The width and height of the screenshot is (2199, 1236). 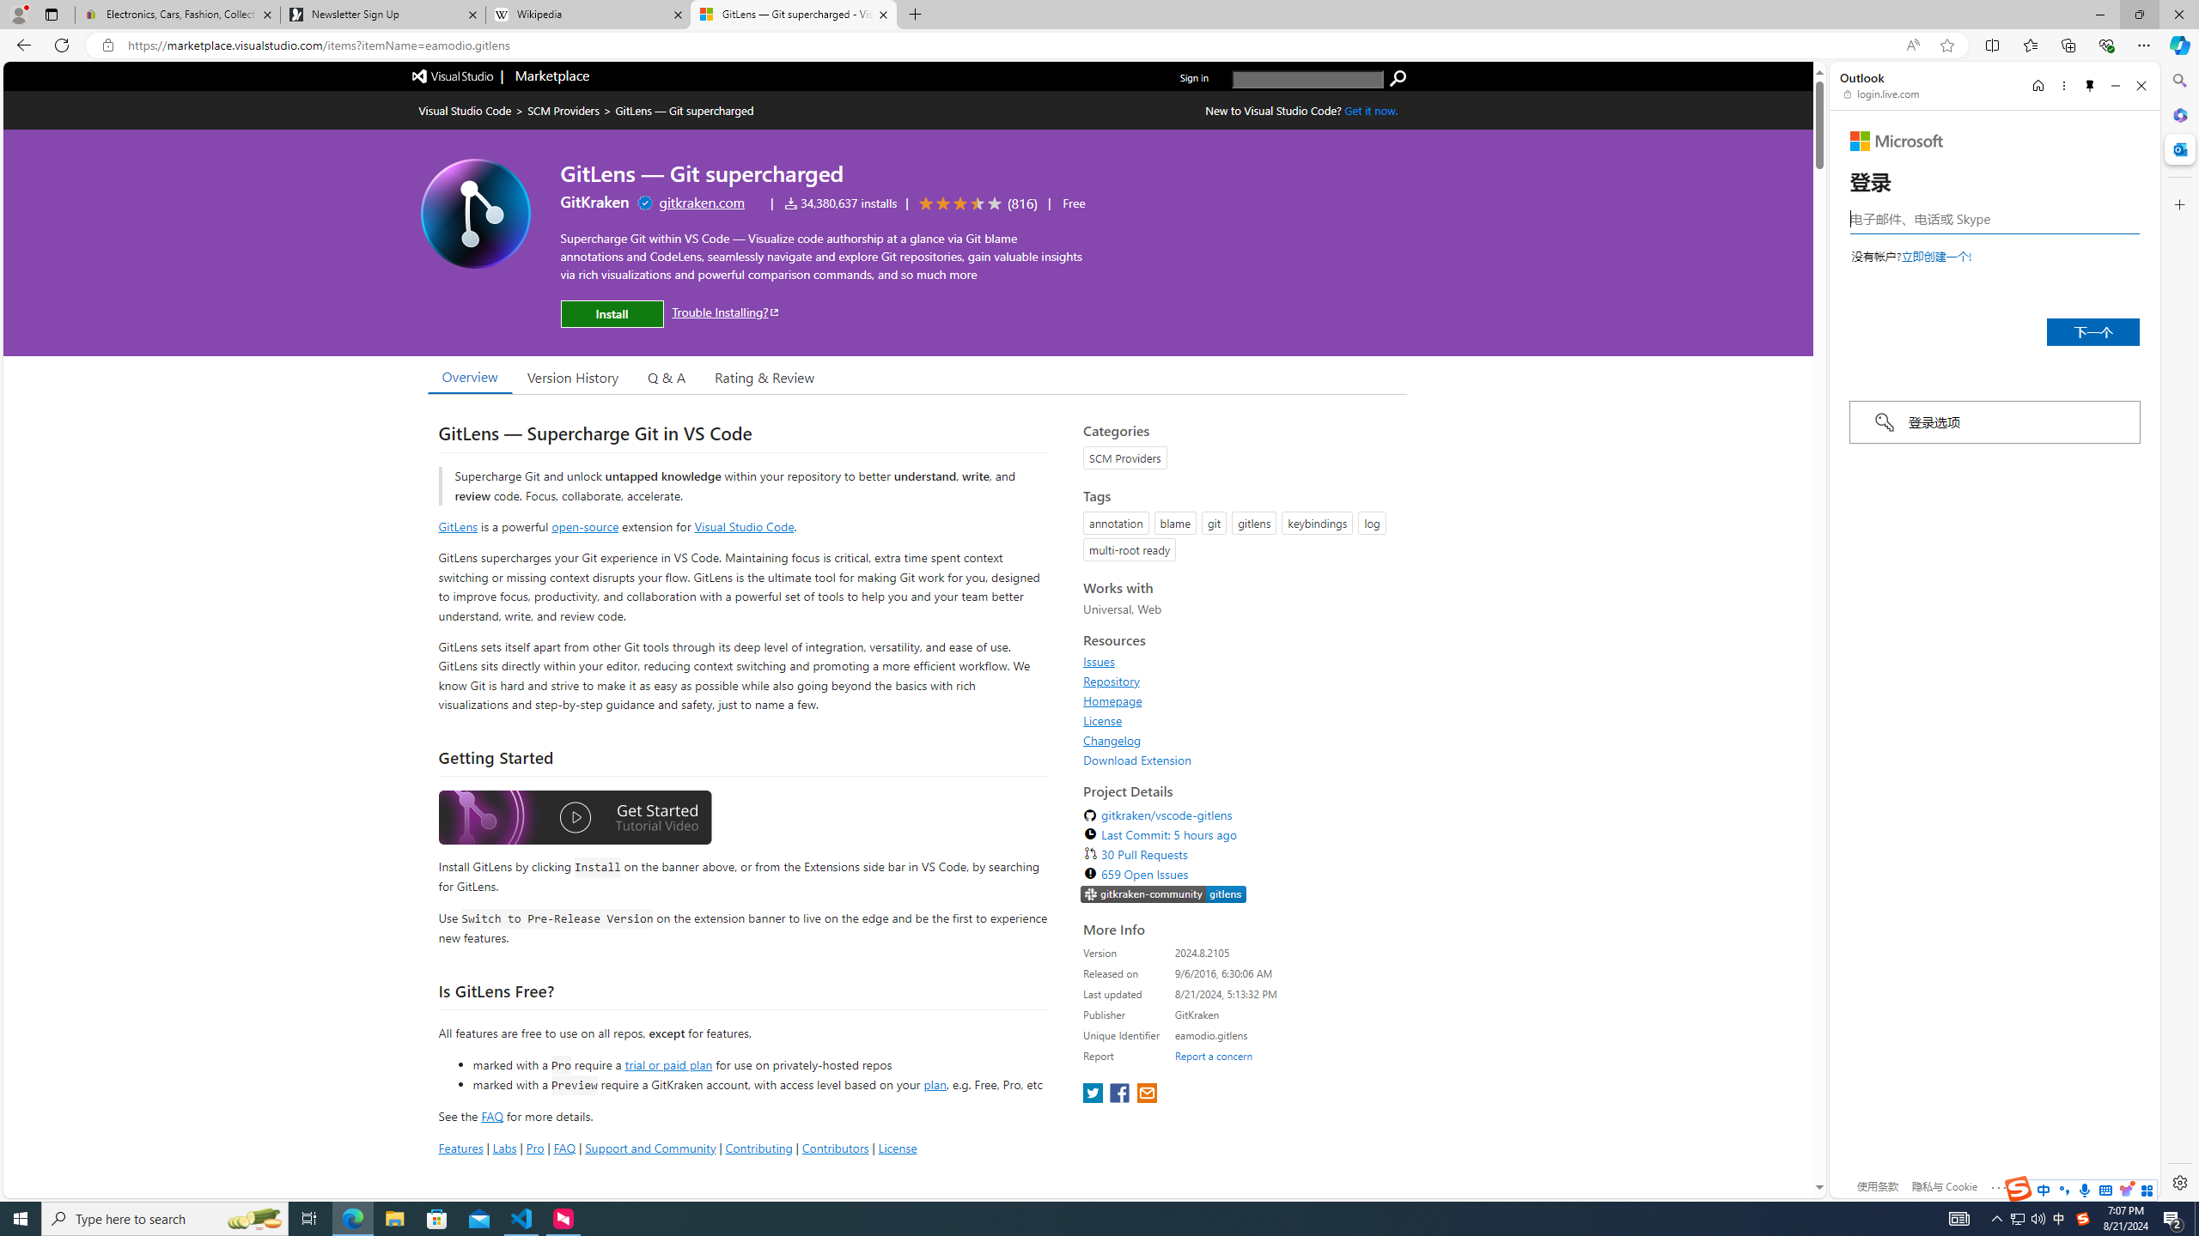 I want to click on 'Version History', so click(x=571, y=376).